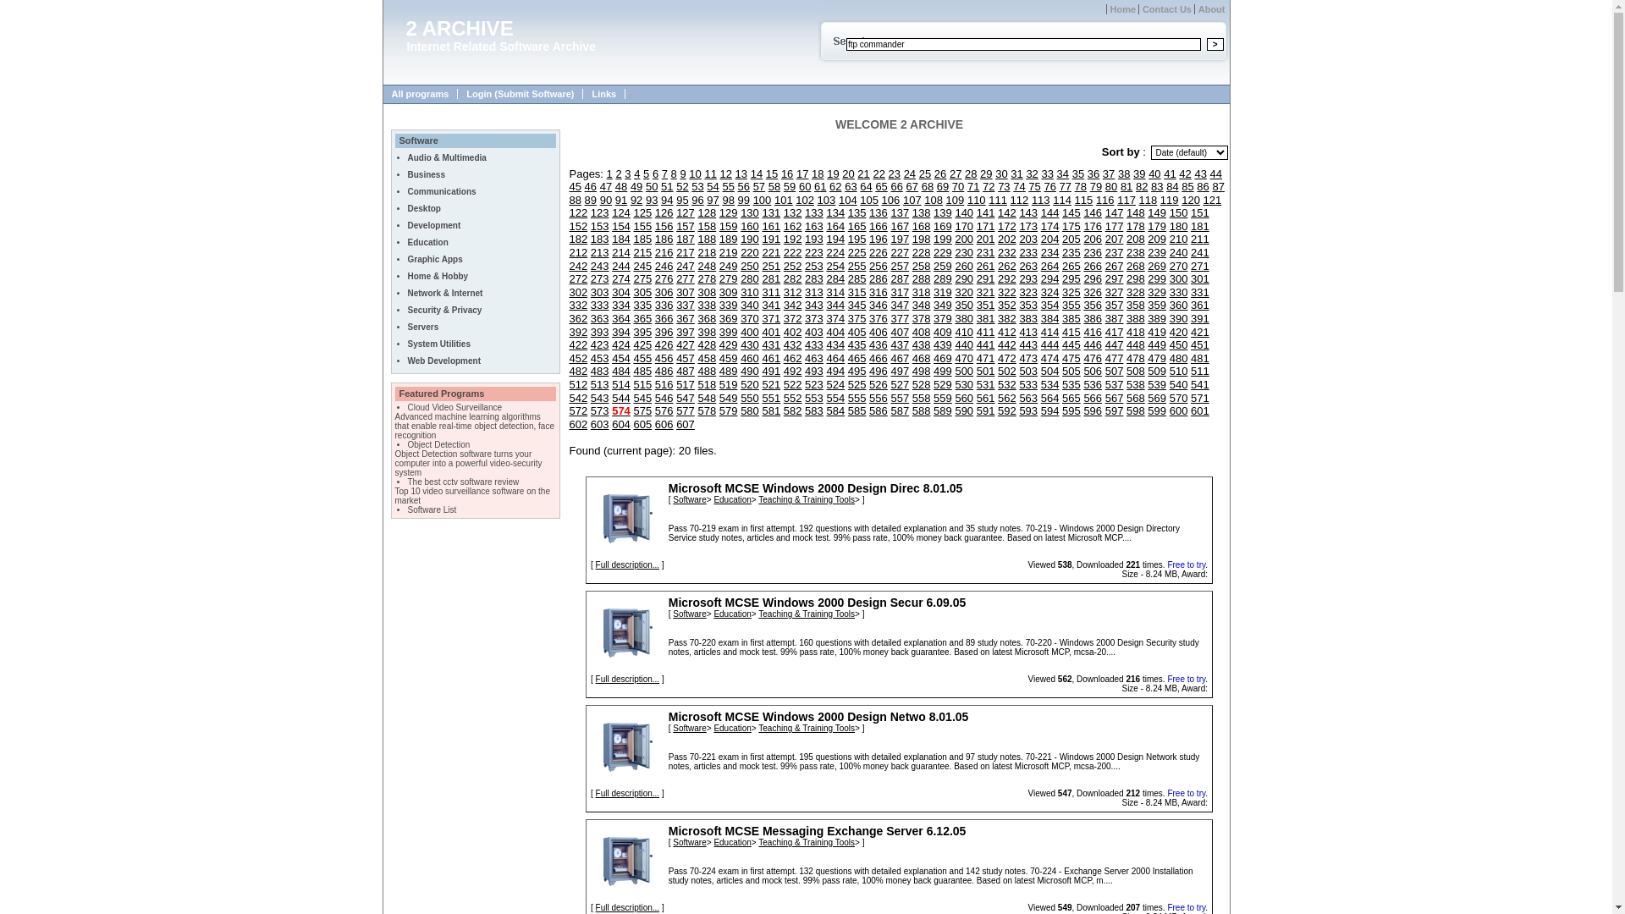  Describe the element at coordinates (703, 173) in the screenshot. I see `'11'` at that location.